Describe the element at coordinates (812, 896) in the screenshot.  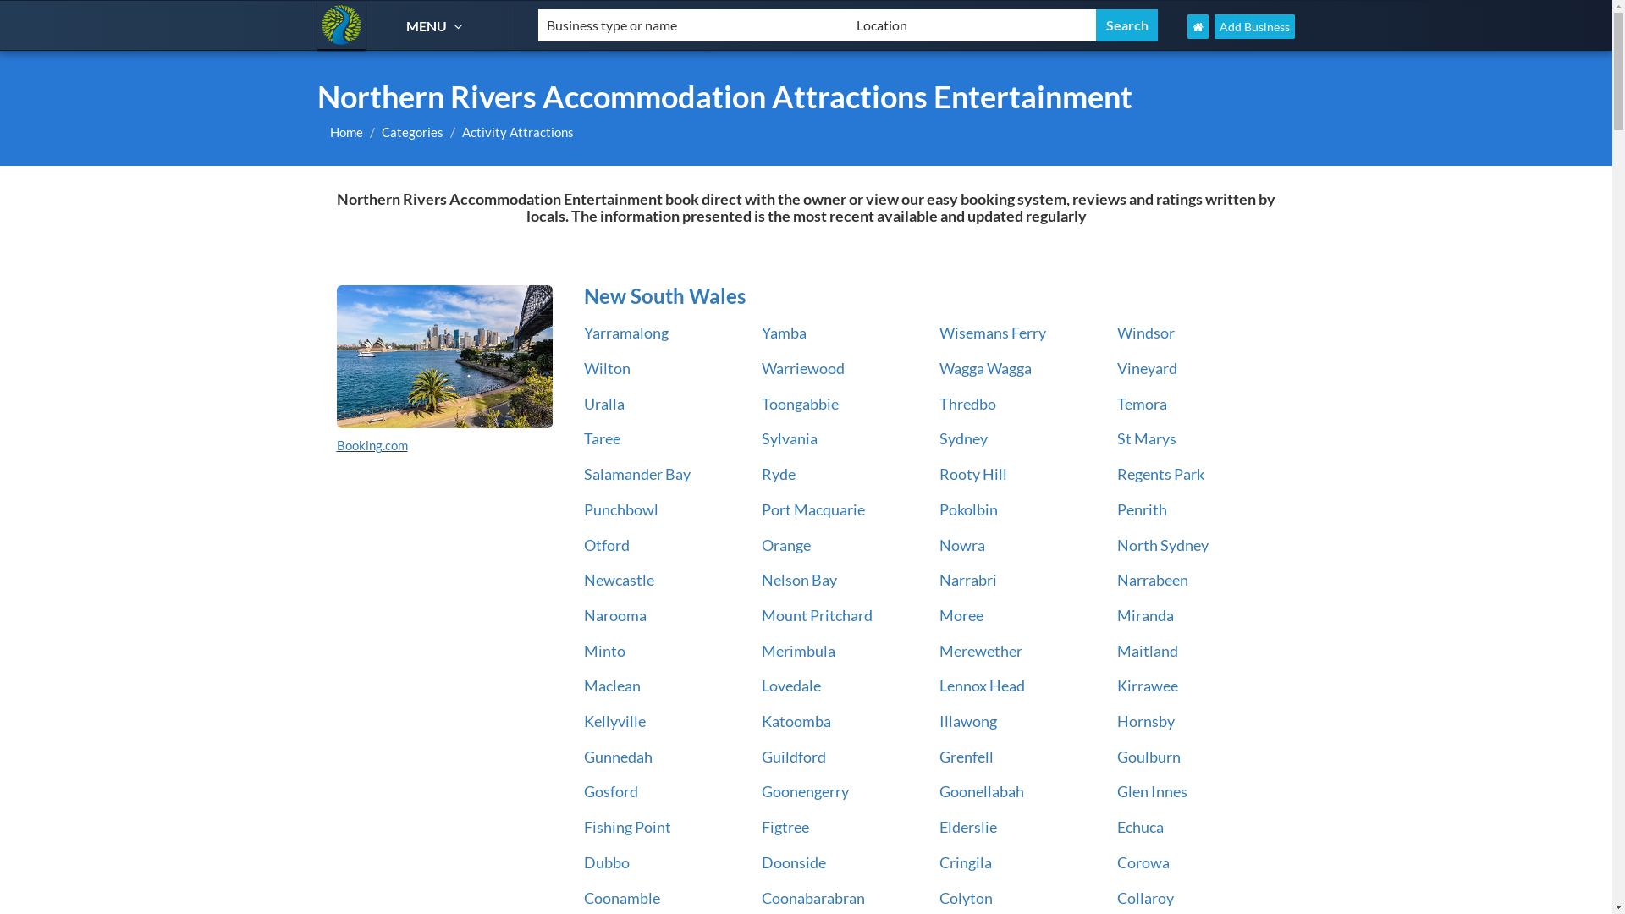
I see `'Coonabarabran'` at that location.